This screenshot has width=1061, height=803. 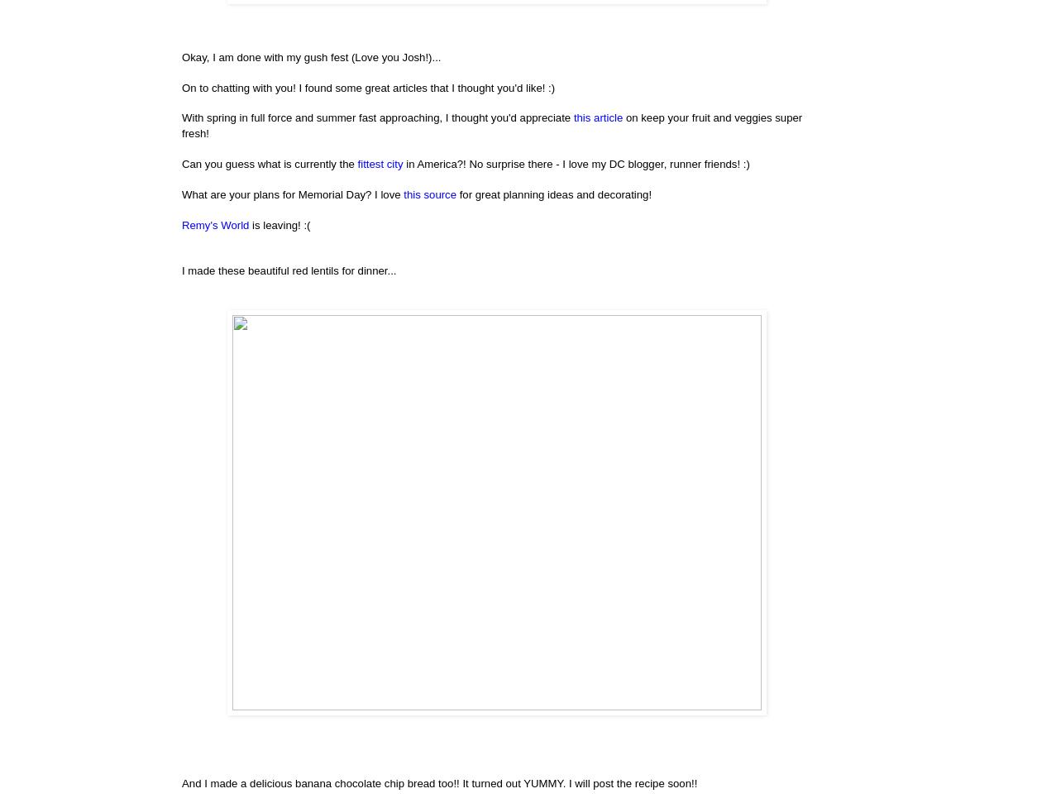 What do you see at coordinates (575, 162) in the screenshot?
I see `'in America?! No surprise there - I love my DC blogger, runner friends! :)'` at bounding box center [575, 162].